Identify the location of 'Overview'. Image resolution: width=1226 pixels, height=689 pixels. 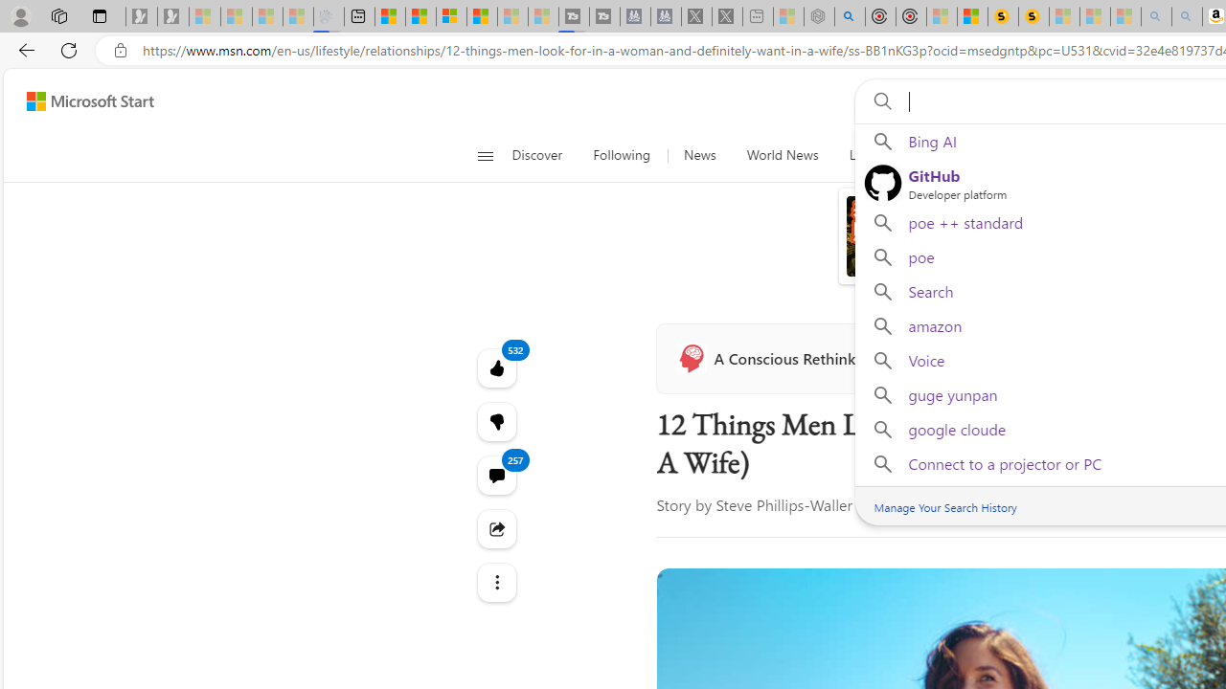
(450, 16).